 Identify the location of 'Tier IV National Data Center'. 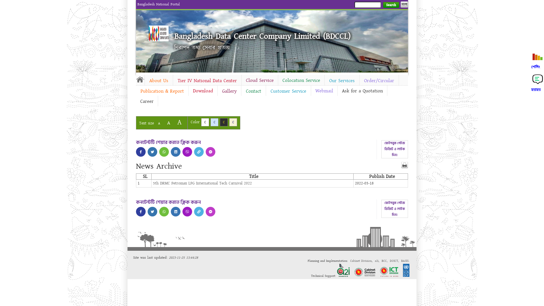
(173, 81).